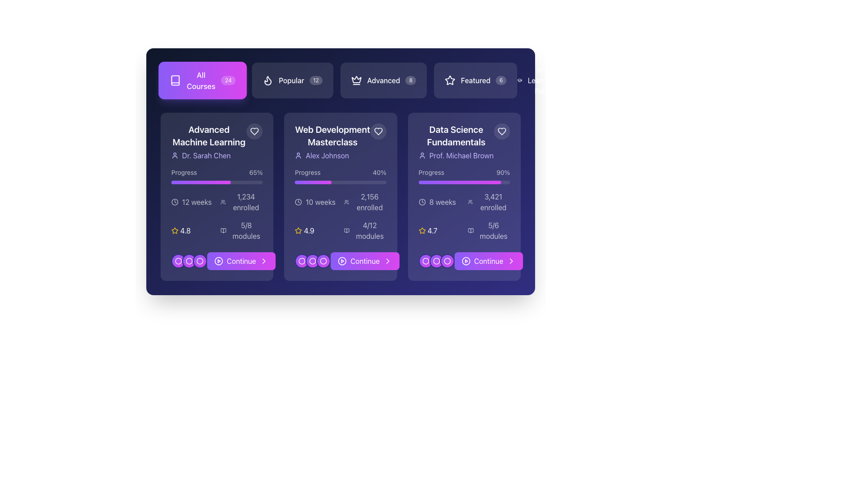 Image resolution: width=859 pixels, height=483 pixels. Describe the element at coordinates (340, 216) in the screenshot. I see `a specific component within the Informational grid layout of the 'Web Development Masterclass' course card, which is located below the progress section and above the 'Continue' button` at that location.